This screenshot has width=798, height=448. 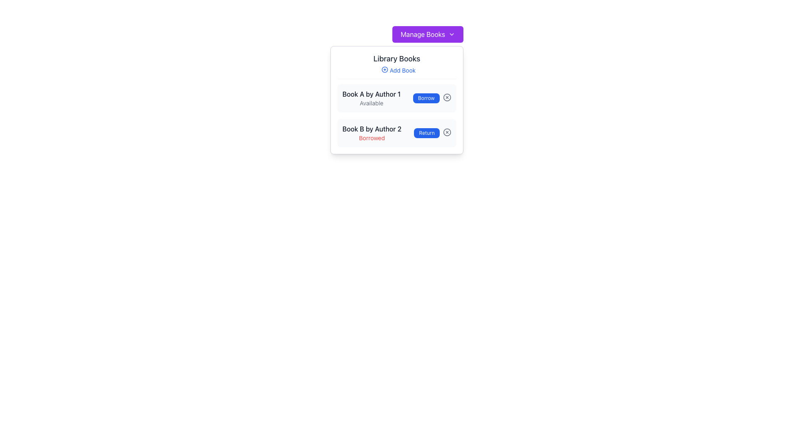 I want to click on the text label displaying 'Book B by Author 2', which is styled with a medium-weight font and dark gray color, positioned above the status label 'Borrowed' in the book list, so click(x=371, y=129).